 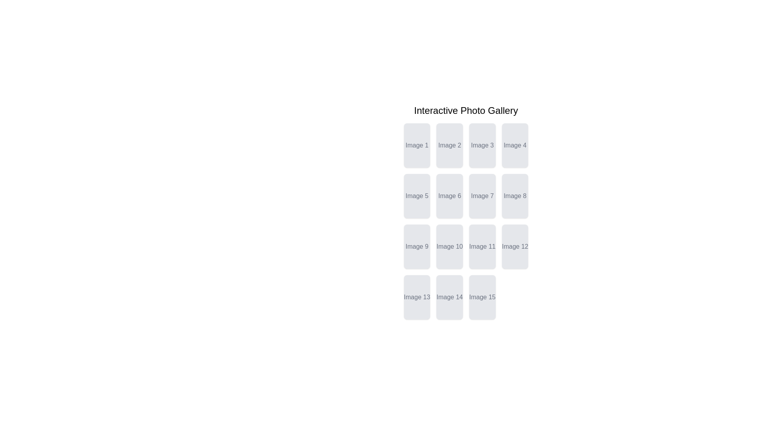 What do you see at coordinates (515, 196) in the screenshot?
I see `the Interactive image tile labeled 'Image 8'` at bounding box center [515, 196].